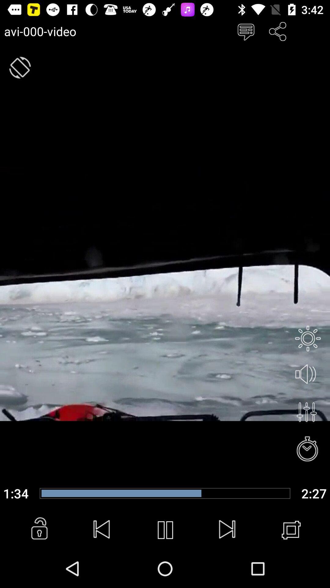 Image resolution: width=330 pixels, height=588 pixels. I want to click on chat selection, so click(245, 31).